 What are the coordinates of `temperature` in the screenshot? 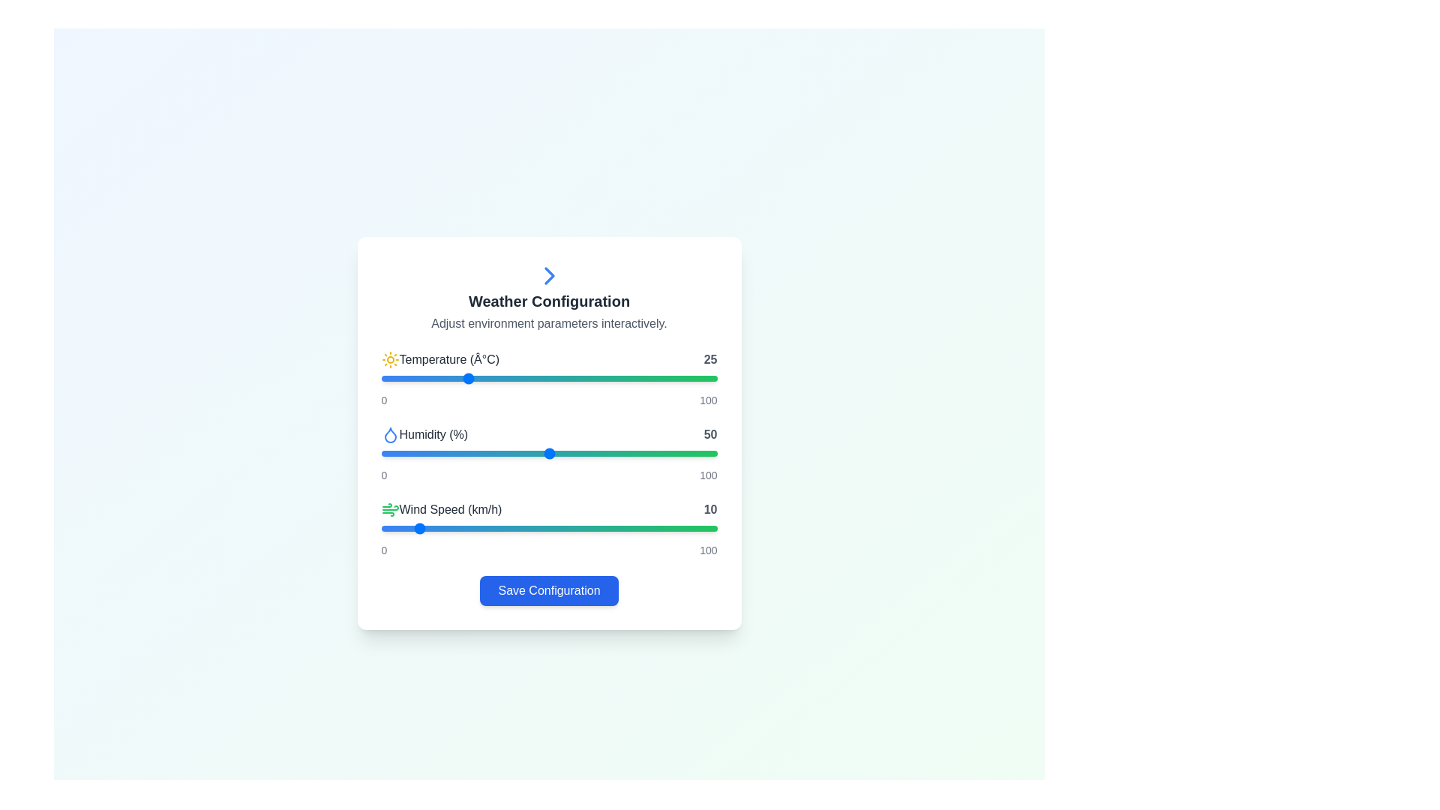 It's located at (451, 378).